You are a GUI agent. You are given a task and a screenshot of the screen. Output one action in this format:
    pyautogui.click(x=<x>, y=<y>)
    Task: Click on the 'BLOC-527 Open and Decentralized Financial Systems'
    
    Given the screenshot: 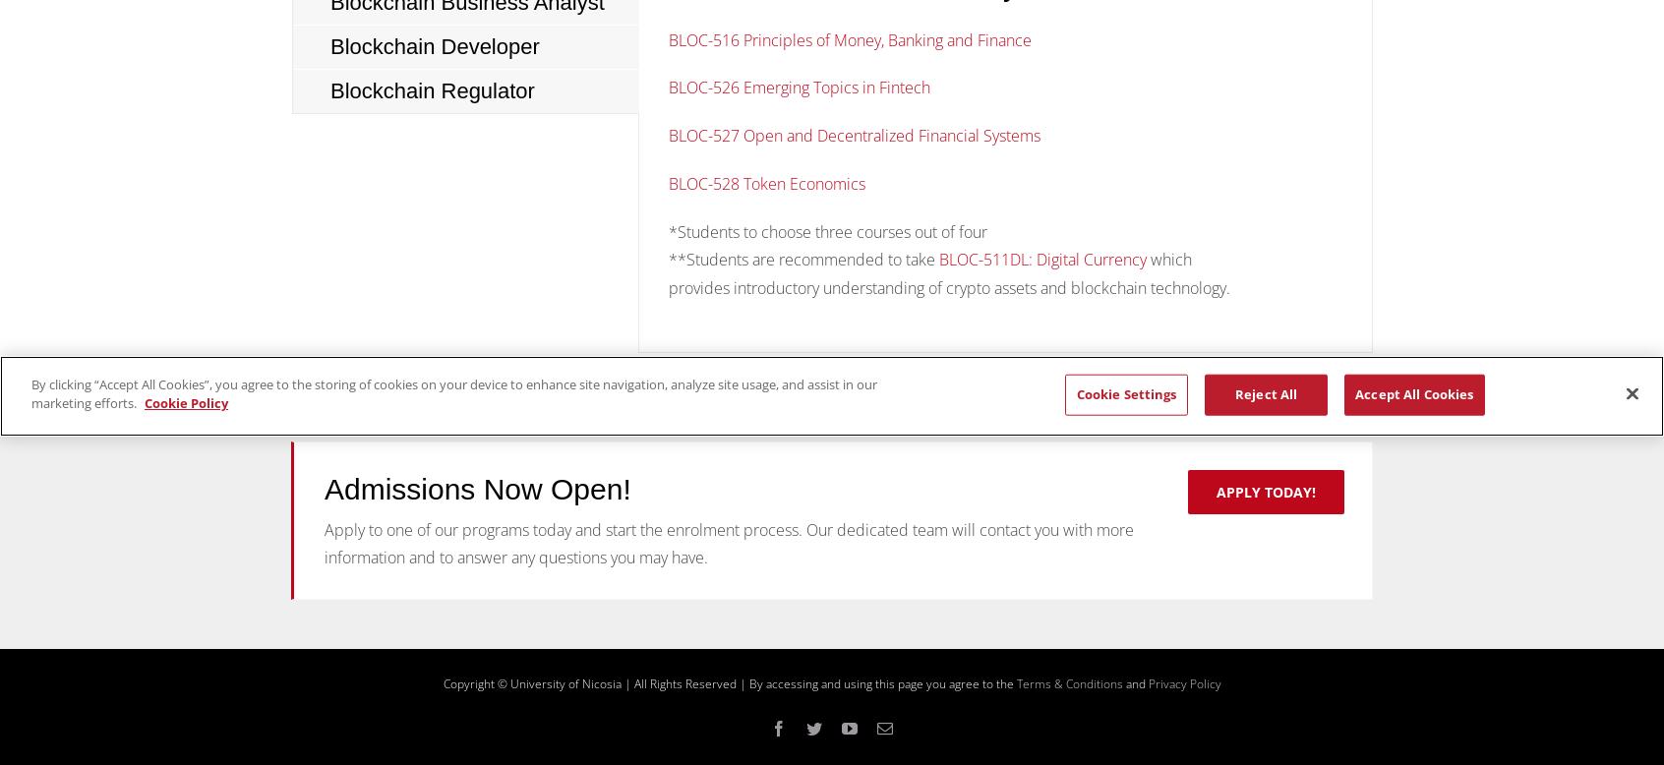 What is the action you would take?
    pyautogui.click(x=855, y=136)
    